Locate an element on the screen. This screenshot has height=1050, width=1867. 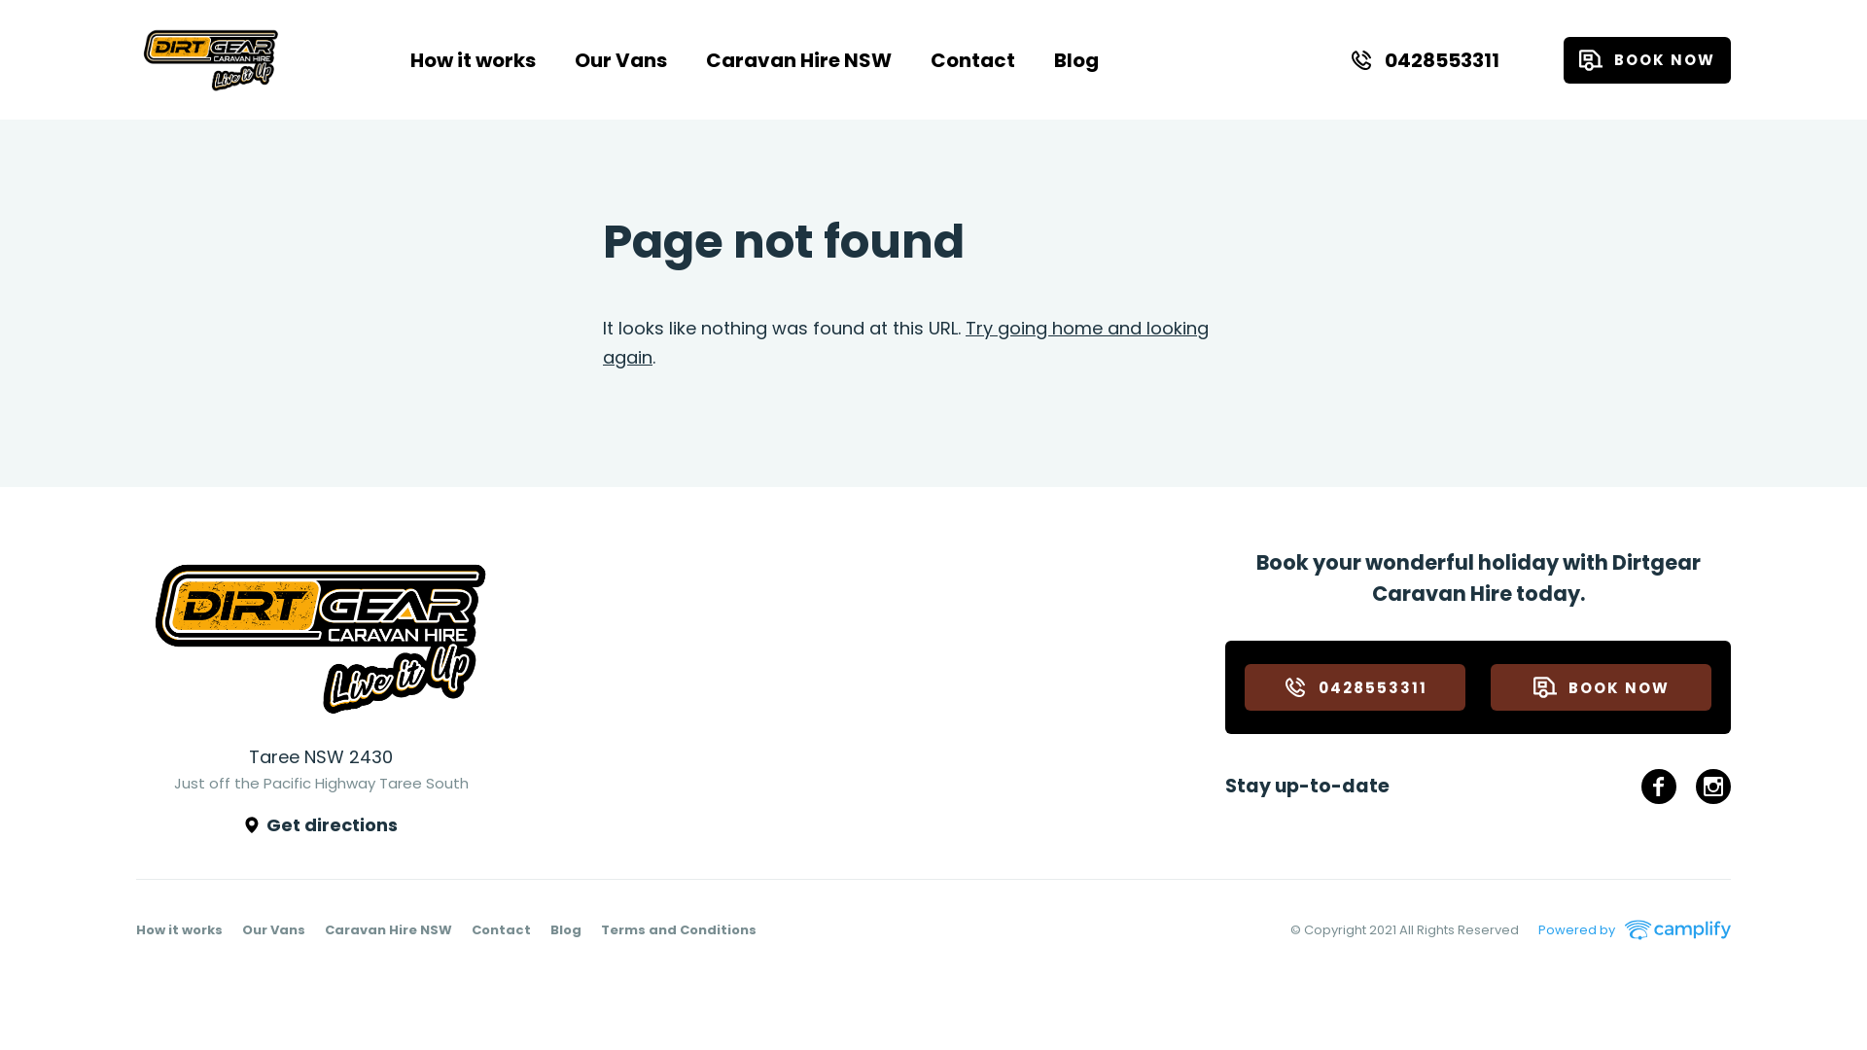
'How it works' is located at coordinates (179, 928).